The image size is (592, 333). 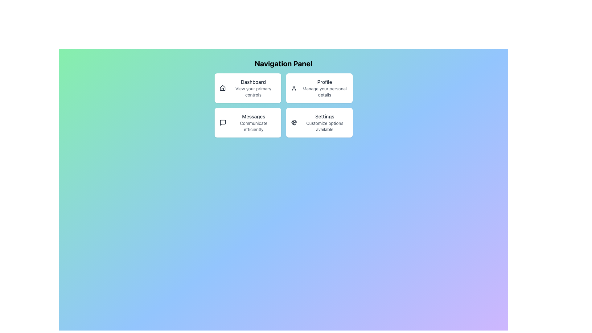 What do you see at coordinates (248, 122) in the screenshot?
I see `the 'Messages' button, which features a speech bubble icon and a two-line text description` at bounding box center [248, 122].